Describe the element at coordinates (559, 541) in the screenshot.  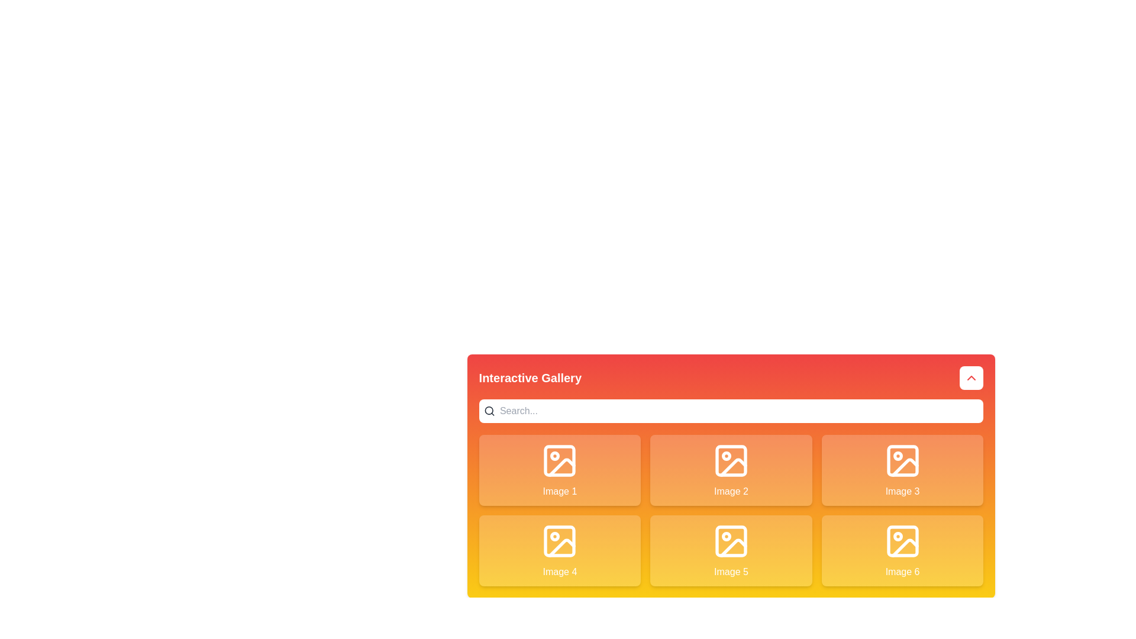
I see `the Rounded Rectangle (SVG element) that visually represents an image icon in the 'Image 4' thumbnail of the second row in the image gallery` at that location.